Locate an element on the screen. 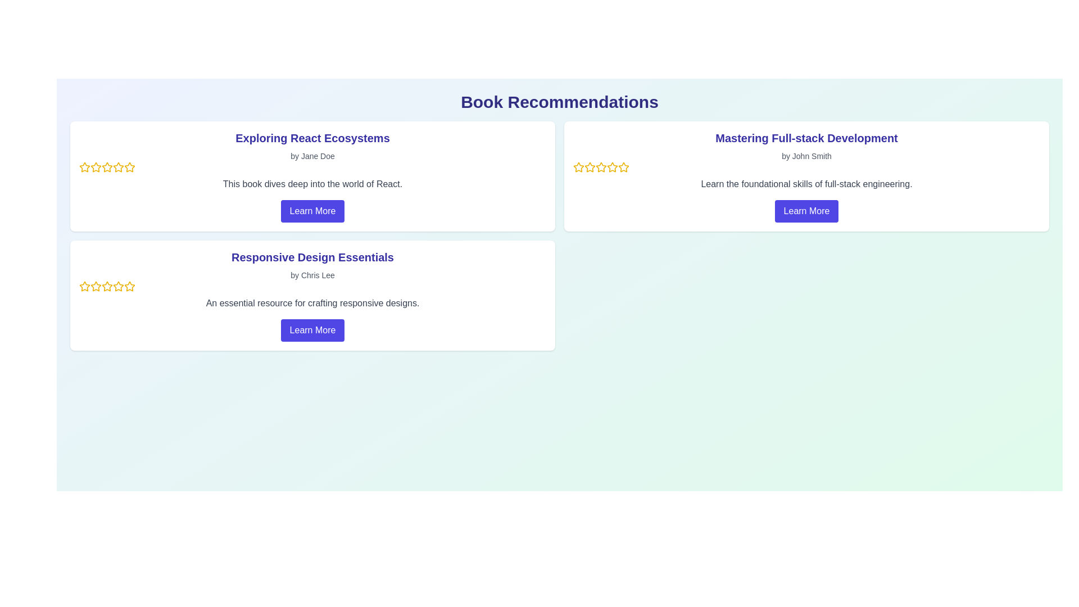  the 'Learn More' button with a blue background and white text, which is located below the descriptive text of the book 'Exploring React Ecosystems' is located at coordinates (312, 211).